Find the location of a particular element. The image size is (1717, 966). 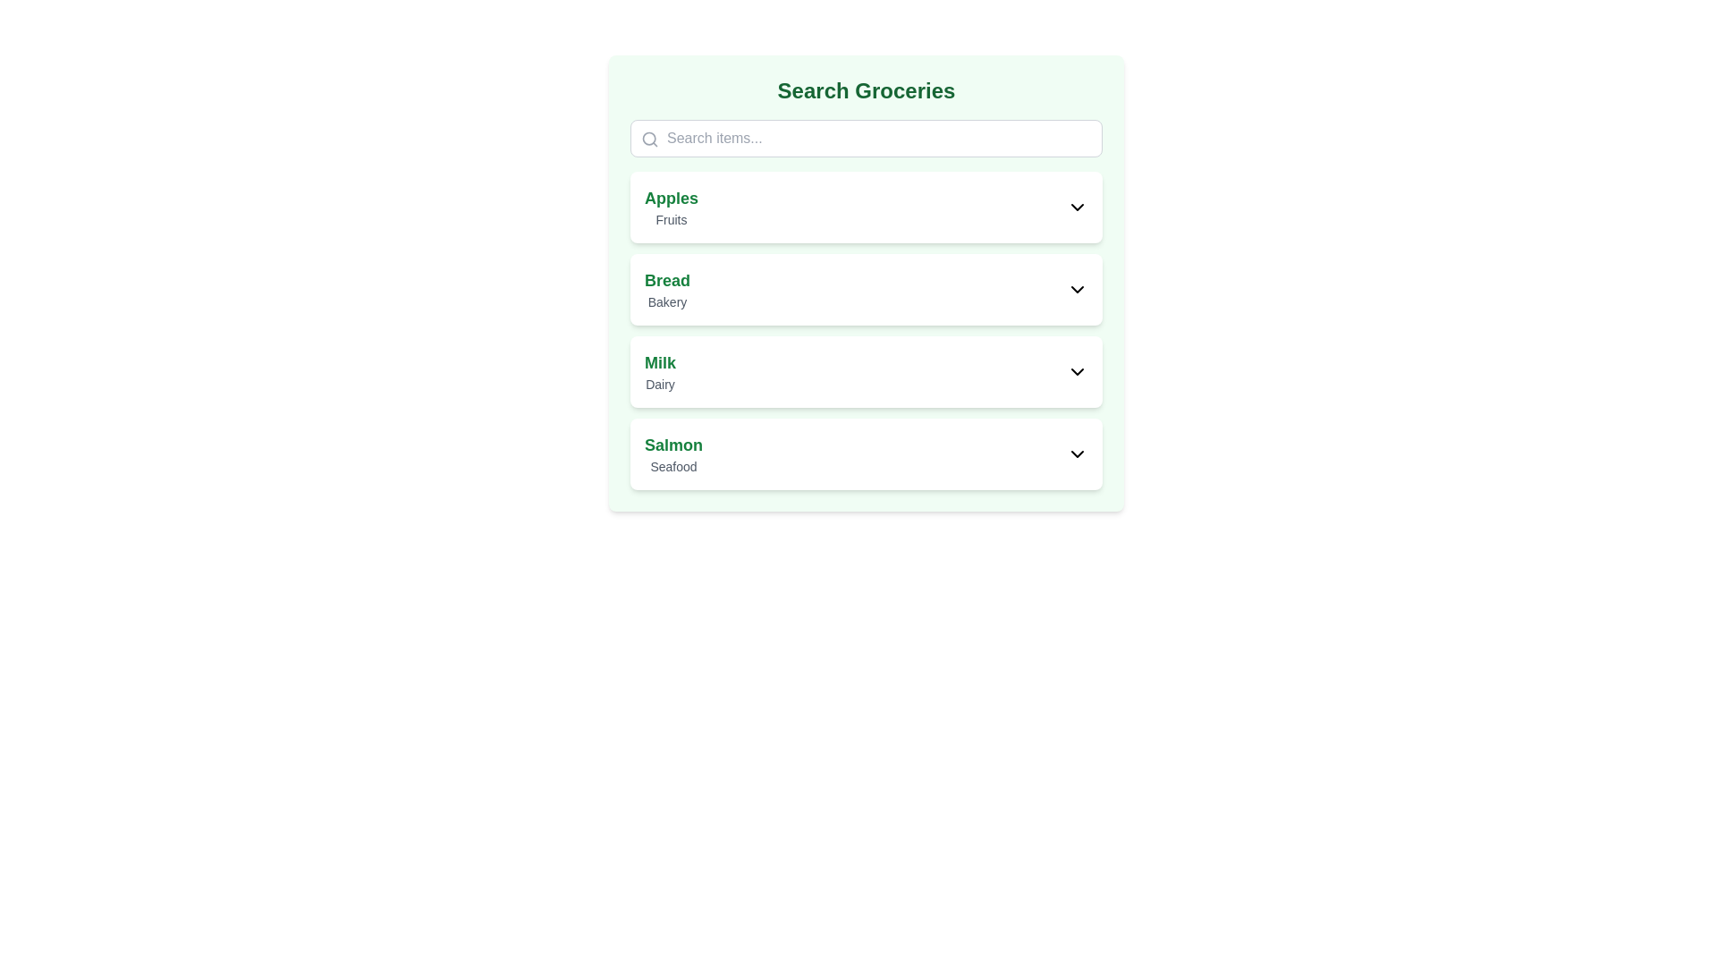

the 'Salmon' category label in the grocery menu is located at coordinates (672, 453).